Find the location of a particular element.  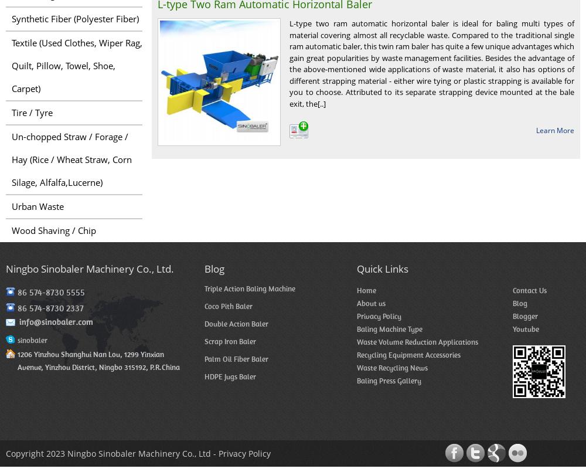

'sinobaler' is located at coordinates (32, 340).